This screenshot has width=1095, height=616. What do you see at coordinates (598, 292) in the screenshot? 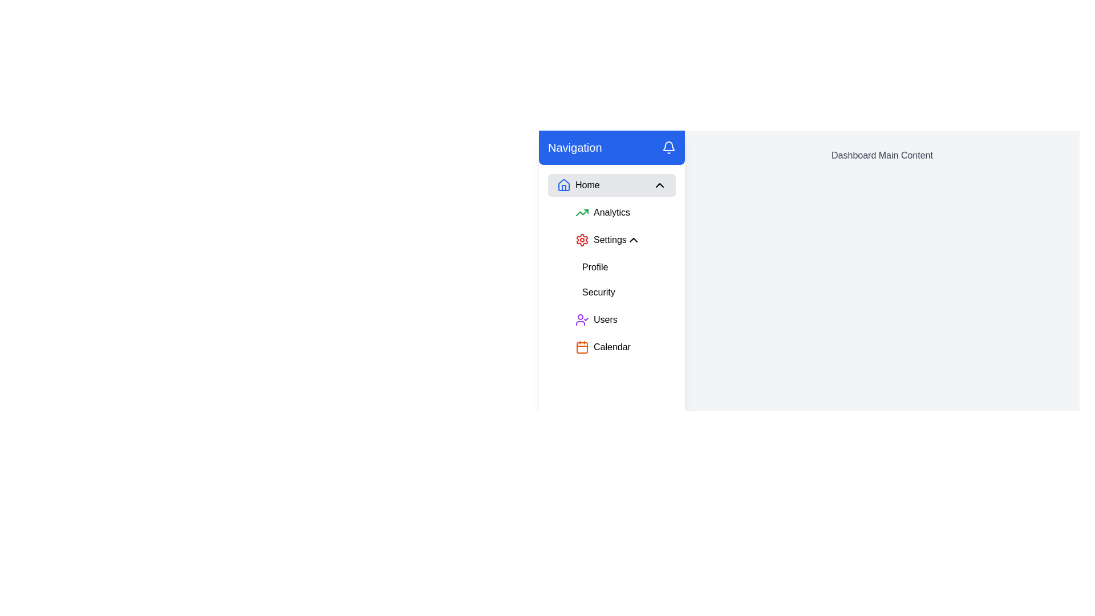
I see `the 'Security' navigation menu item, which is the second item under the 'Profile' section on the left vertical navigation panel` at bounding box center [598, 292].